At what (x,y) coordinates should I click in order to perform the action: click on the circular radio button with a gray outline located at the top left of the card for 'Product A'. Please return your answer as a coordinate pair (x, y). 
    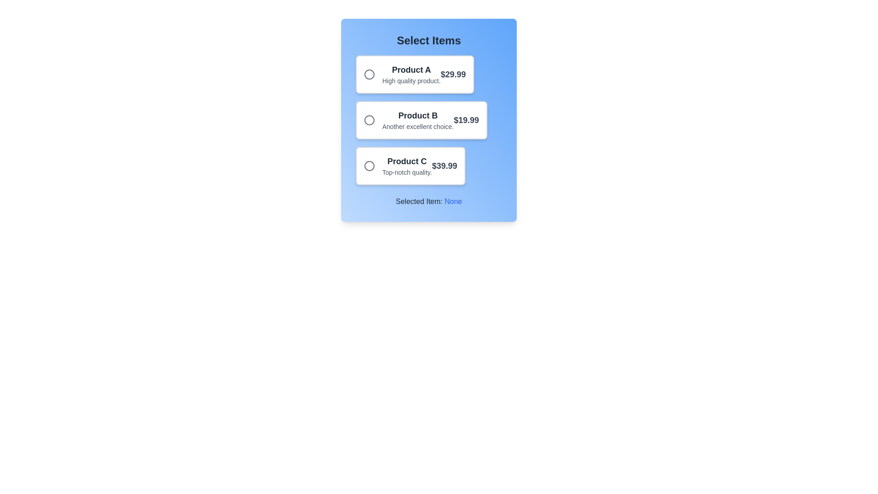
    Looking at the image, I should click on (373, 74).